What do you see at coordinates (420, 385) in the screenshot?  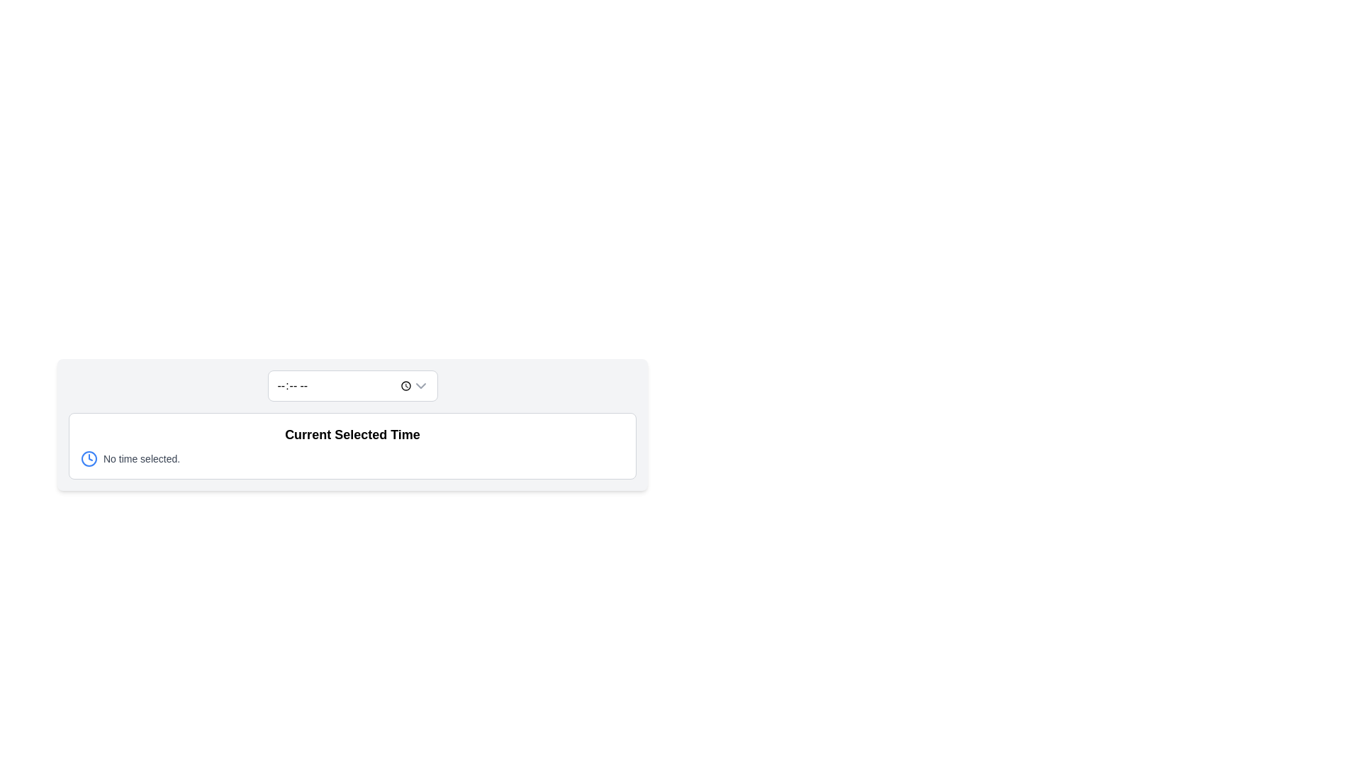 I see `the downward-facing chevron icon located to the right side of the input field within the dropdown interface` at bounding box center [420, 385].